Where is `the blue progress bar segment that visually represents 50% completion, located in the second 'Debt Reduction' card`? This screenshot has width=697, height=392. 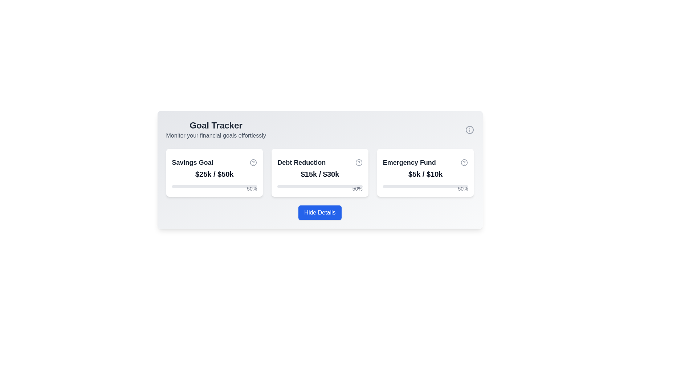 the blue progress bar segment that visually represents 50% completion, located in the second 'Debt Reduction' card is located at coordinates (298, 186).